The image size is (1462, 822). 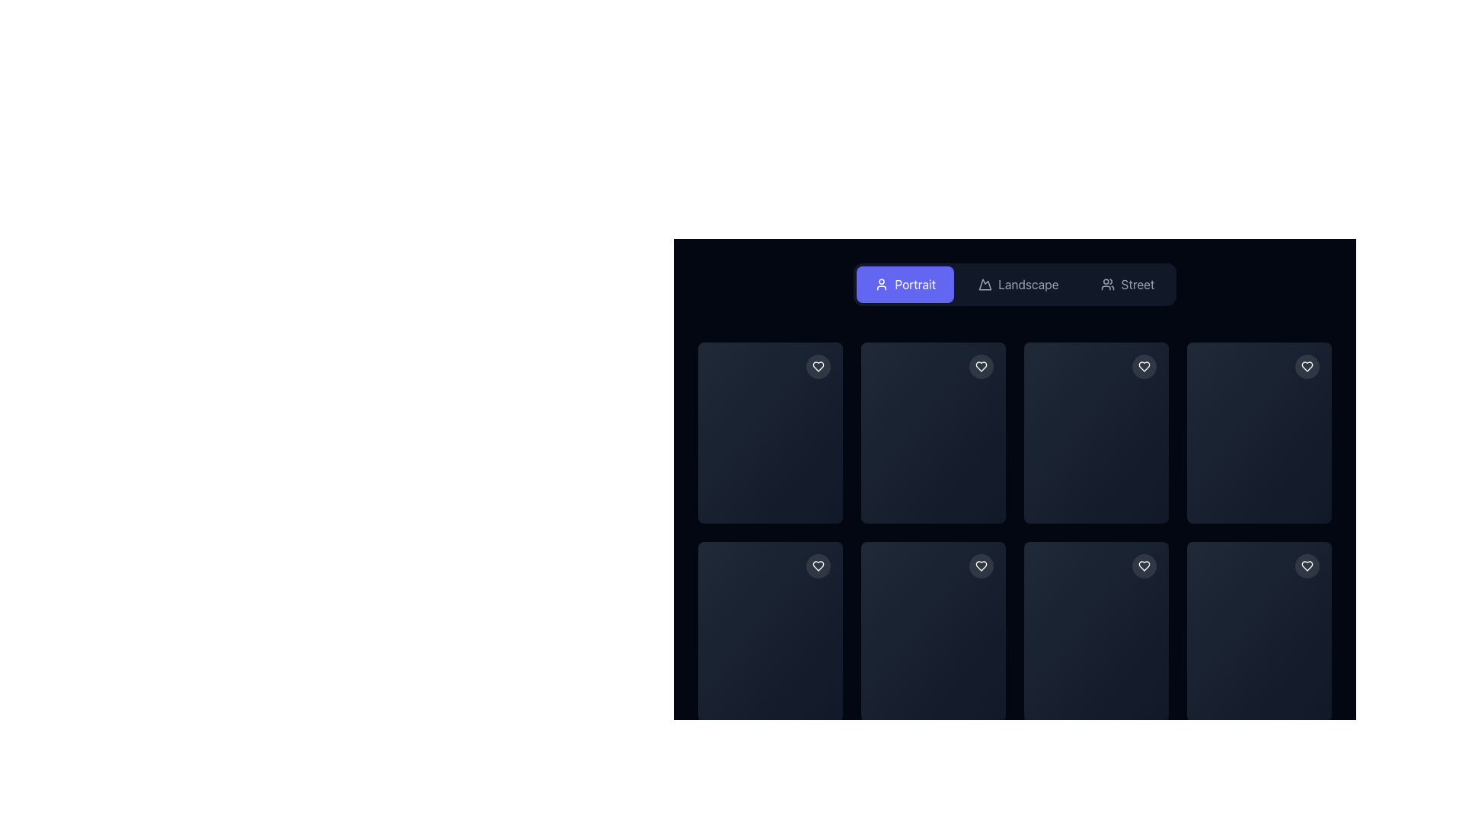 I want to click on the heart-shaped icon located in the second column of the first row to express a preference or liking for the associated item, so click(x=982, y=367).